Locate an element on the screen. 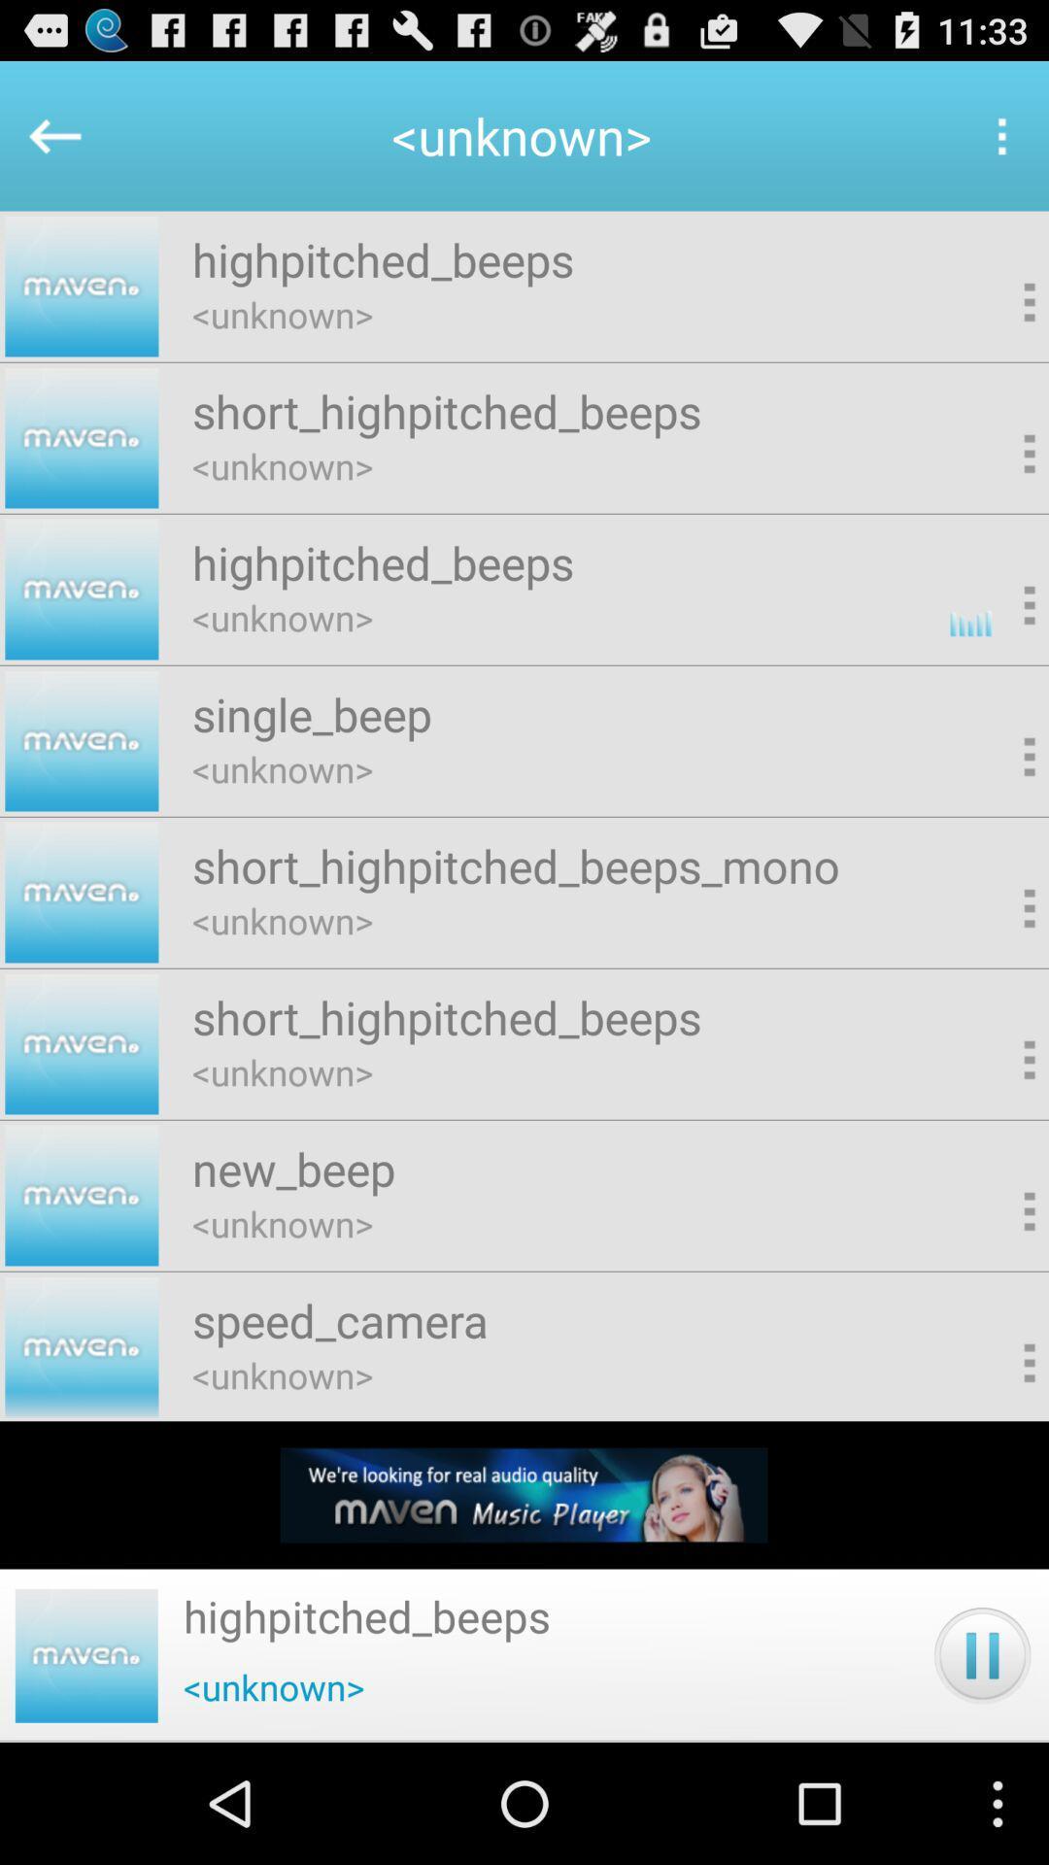 Image resolution: width=1049 pixels, height=1865 pixels. the more icon is located at coordinates (998, 973).